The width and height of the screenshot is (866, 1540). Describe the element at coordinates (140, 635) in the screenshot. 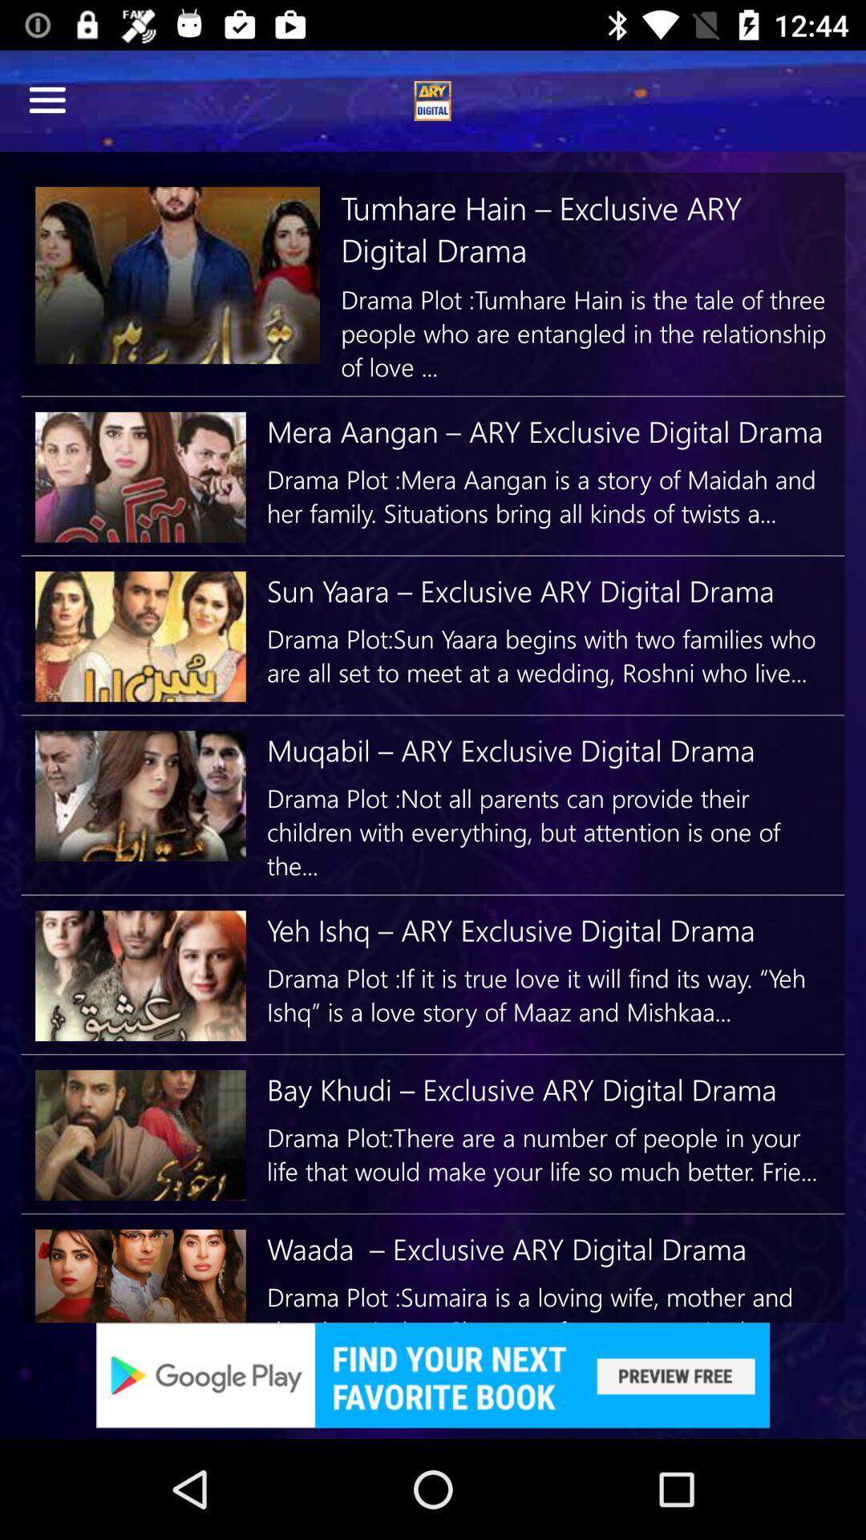

I see `the third image from the top left corner of the web page` at that location.